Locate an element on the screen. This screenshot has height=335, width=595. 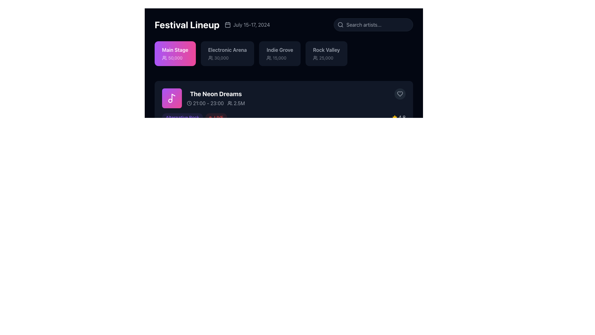
the numerical metric display, which is positioned in the center-right of the pink rectangular block labeled 'Main Stage' is located at coordinates (175, 58).